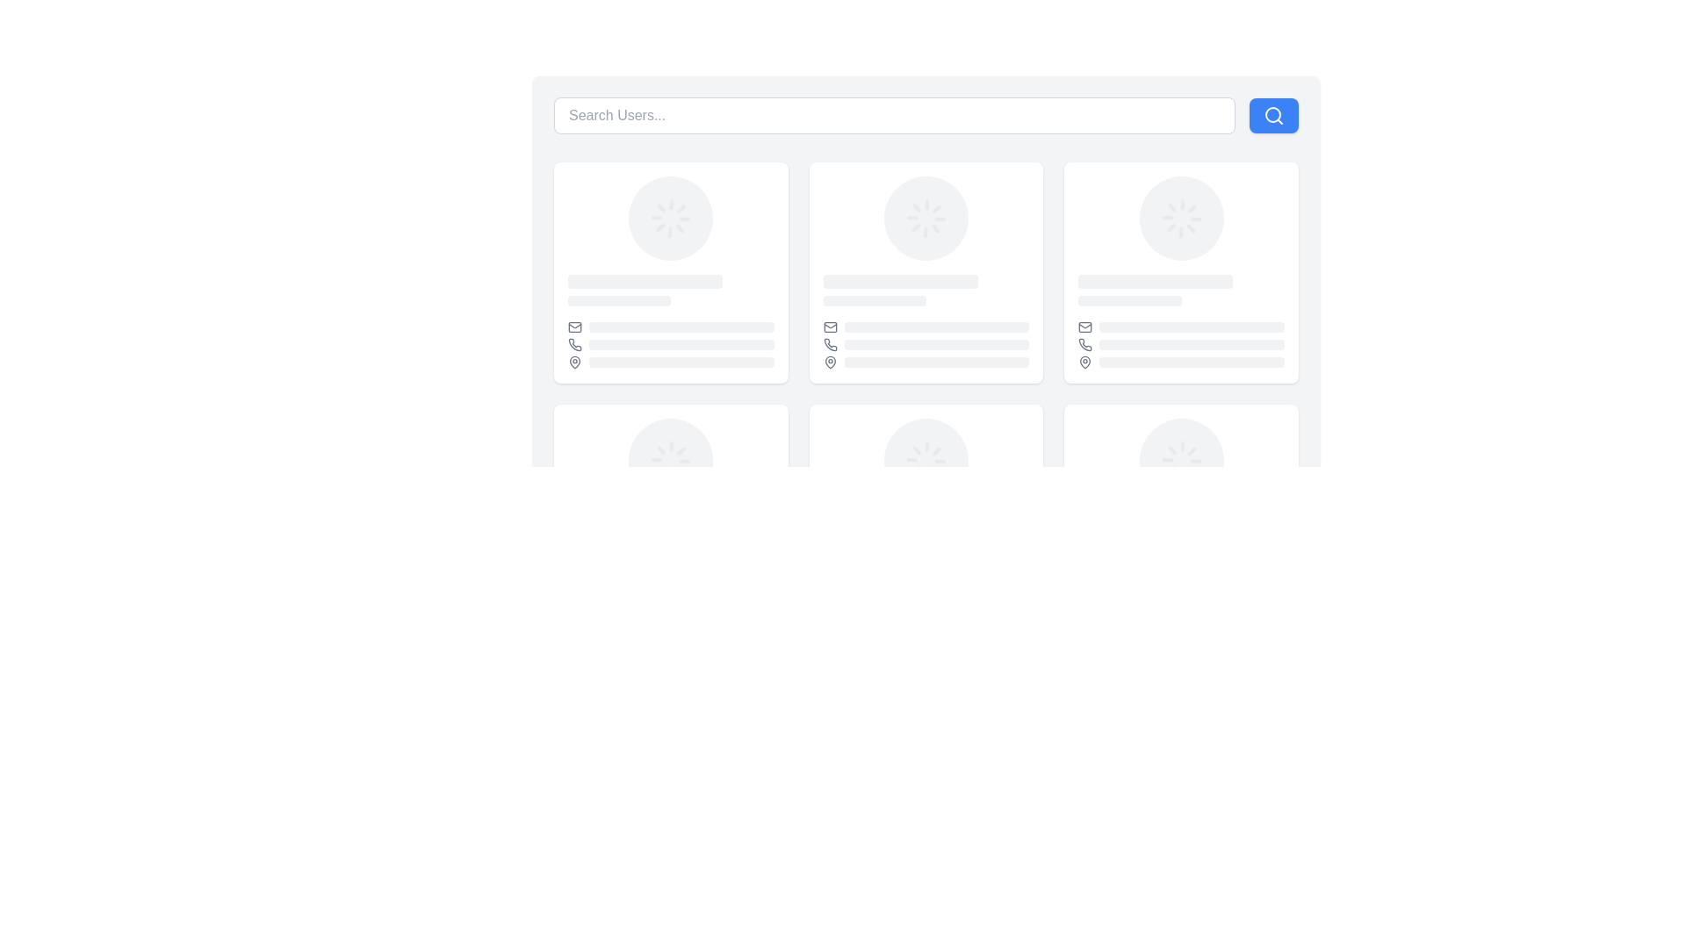 The height and width of the screenshot is (948, 1686). What do you see at coordinates (1181, 218) in the screenshot?
I see `the spinning animation of the loading spinner located in the first row, second column of the grid interface` at bounding box center [1181, 218].